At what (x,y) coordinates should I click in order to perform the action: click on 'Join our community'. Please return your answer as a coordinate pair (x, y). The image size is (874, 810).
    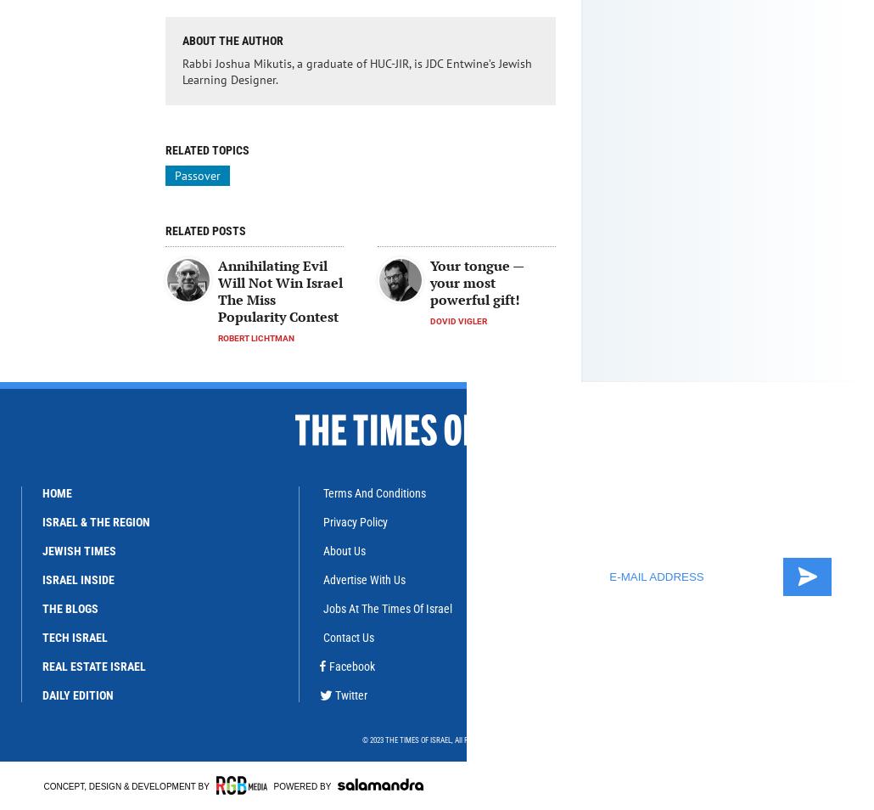
    Looking at the image, I should click on (644, 665).